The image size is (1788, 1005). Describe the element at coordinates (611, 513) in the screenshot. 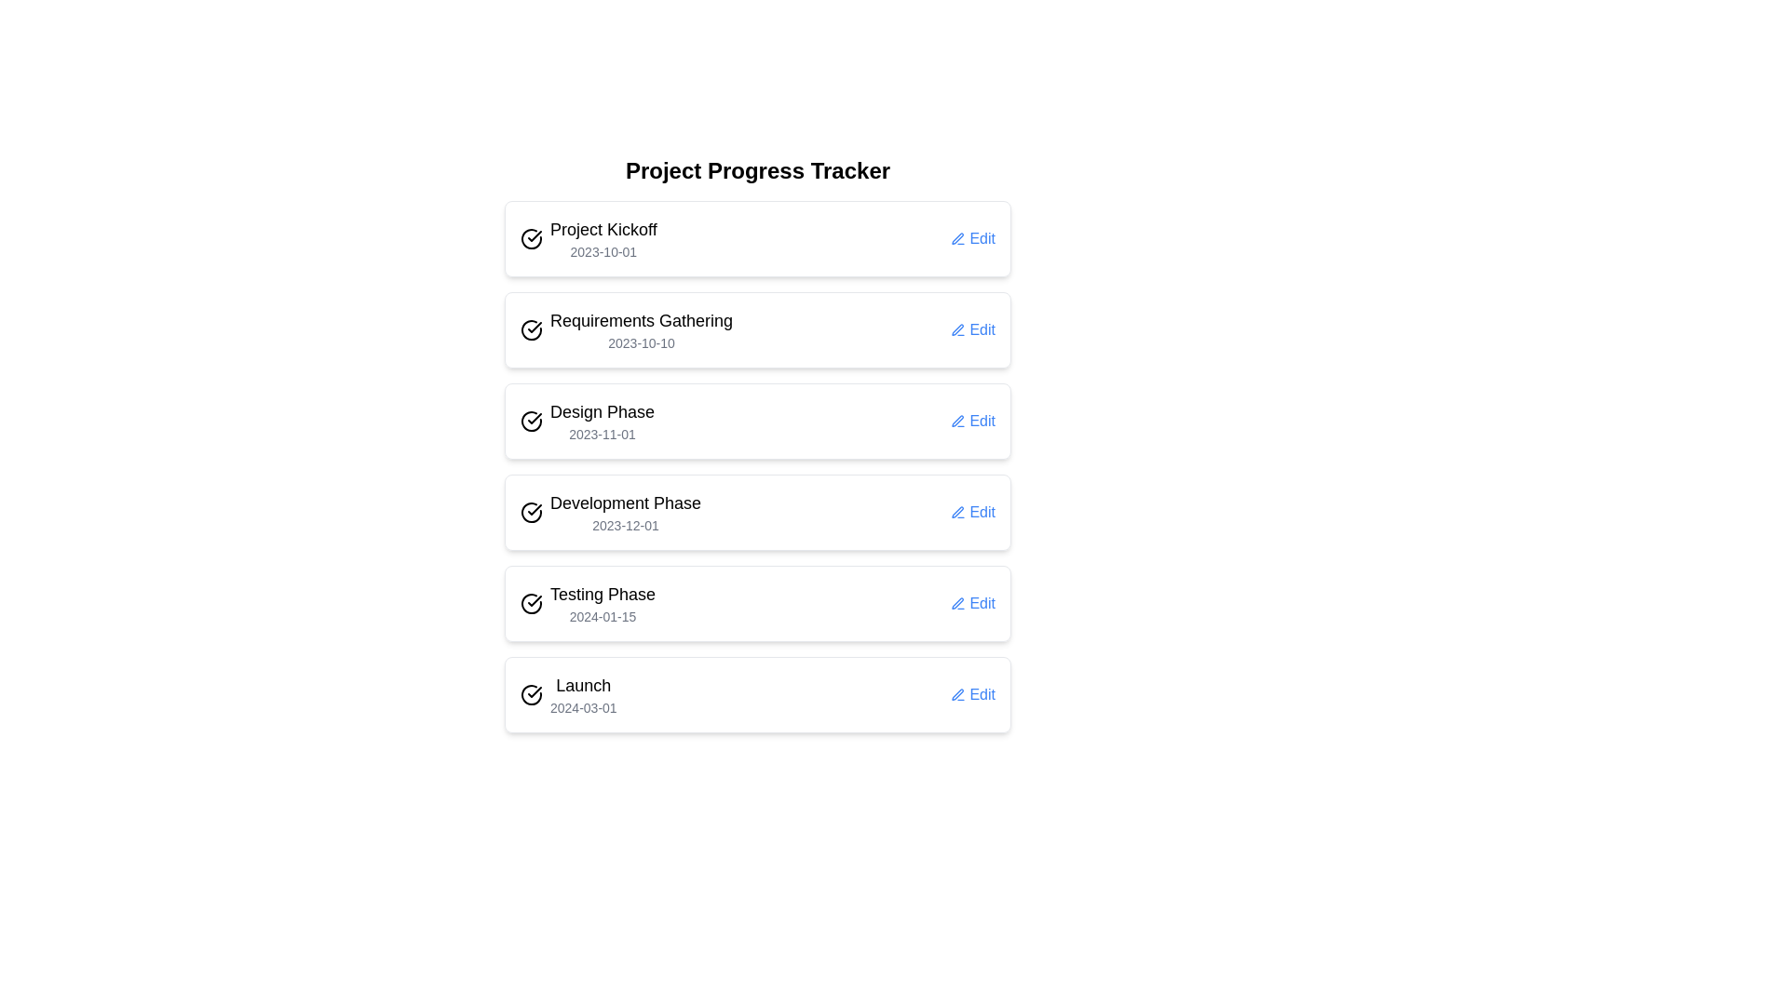

I see `the 'Development Phase' static content block, which displays the project stage's title, date, description, and progress status, located between 'Design Phase' and 'Testing Phase' in the project stages list` at that location.